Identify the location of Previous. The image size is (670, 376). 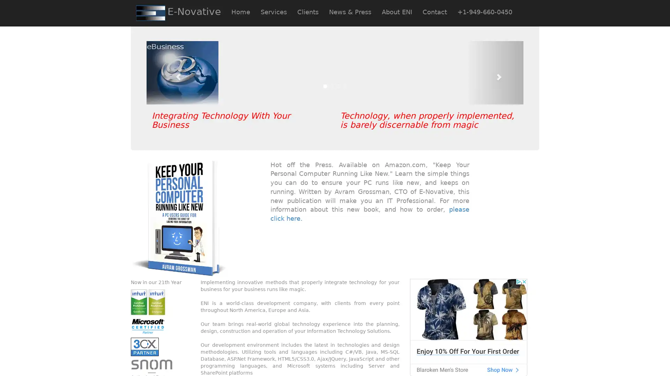
(174, 72).